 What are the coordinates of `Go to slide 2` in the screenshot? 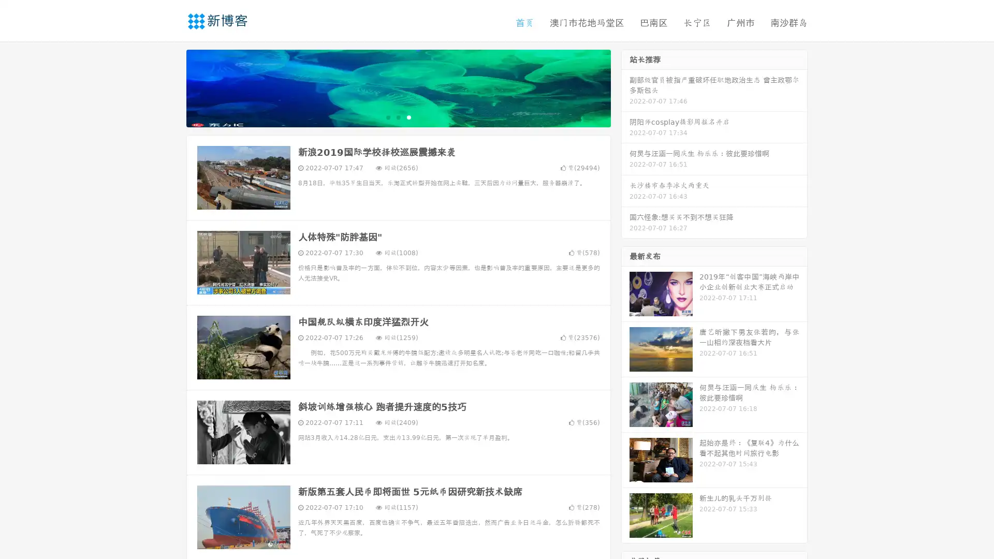 It's located at (398, 116).